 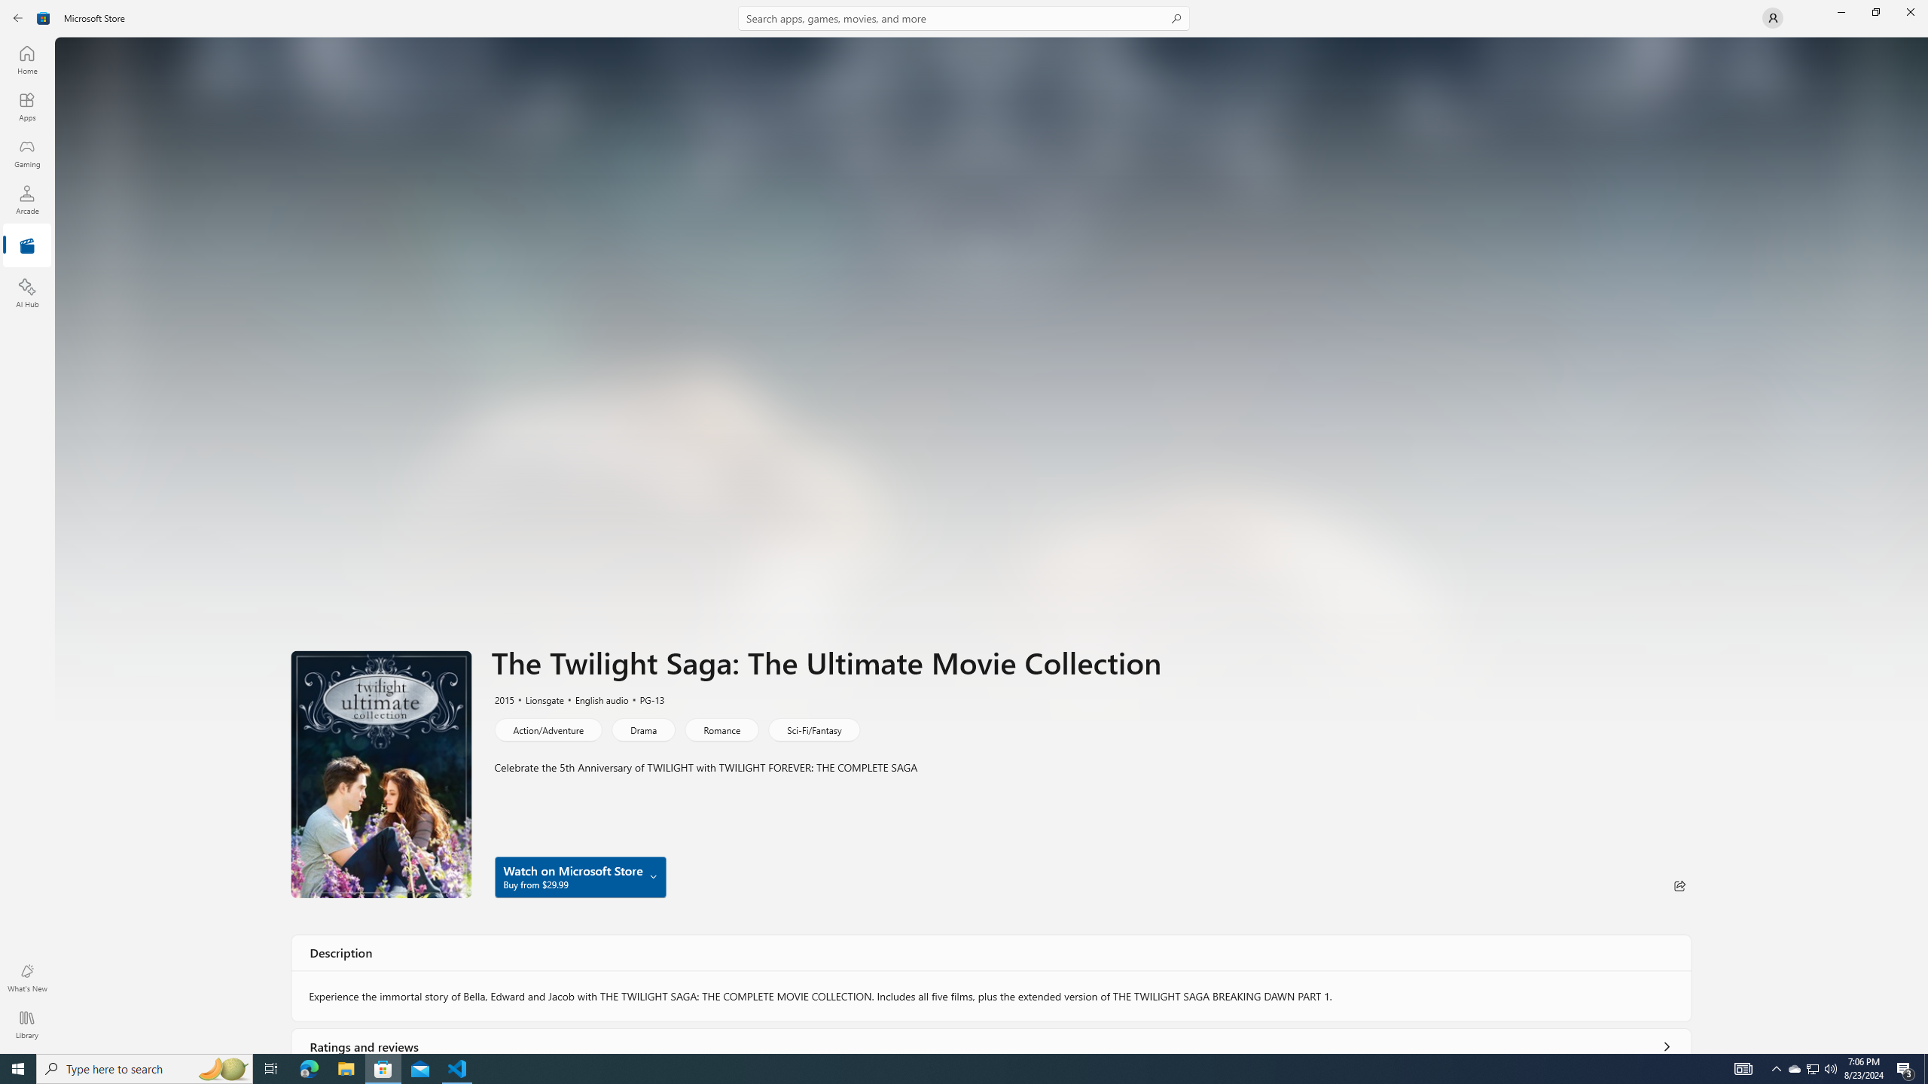 I want to click on 'Drama', so click(x=642, y=729).